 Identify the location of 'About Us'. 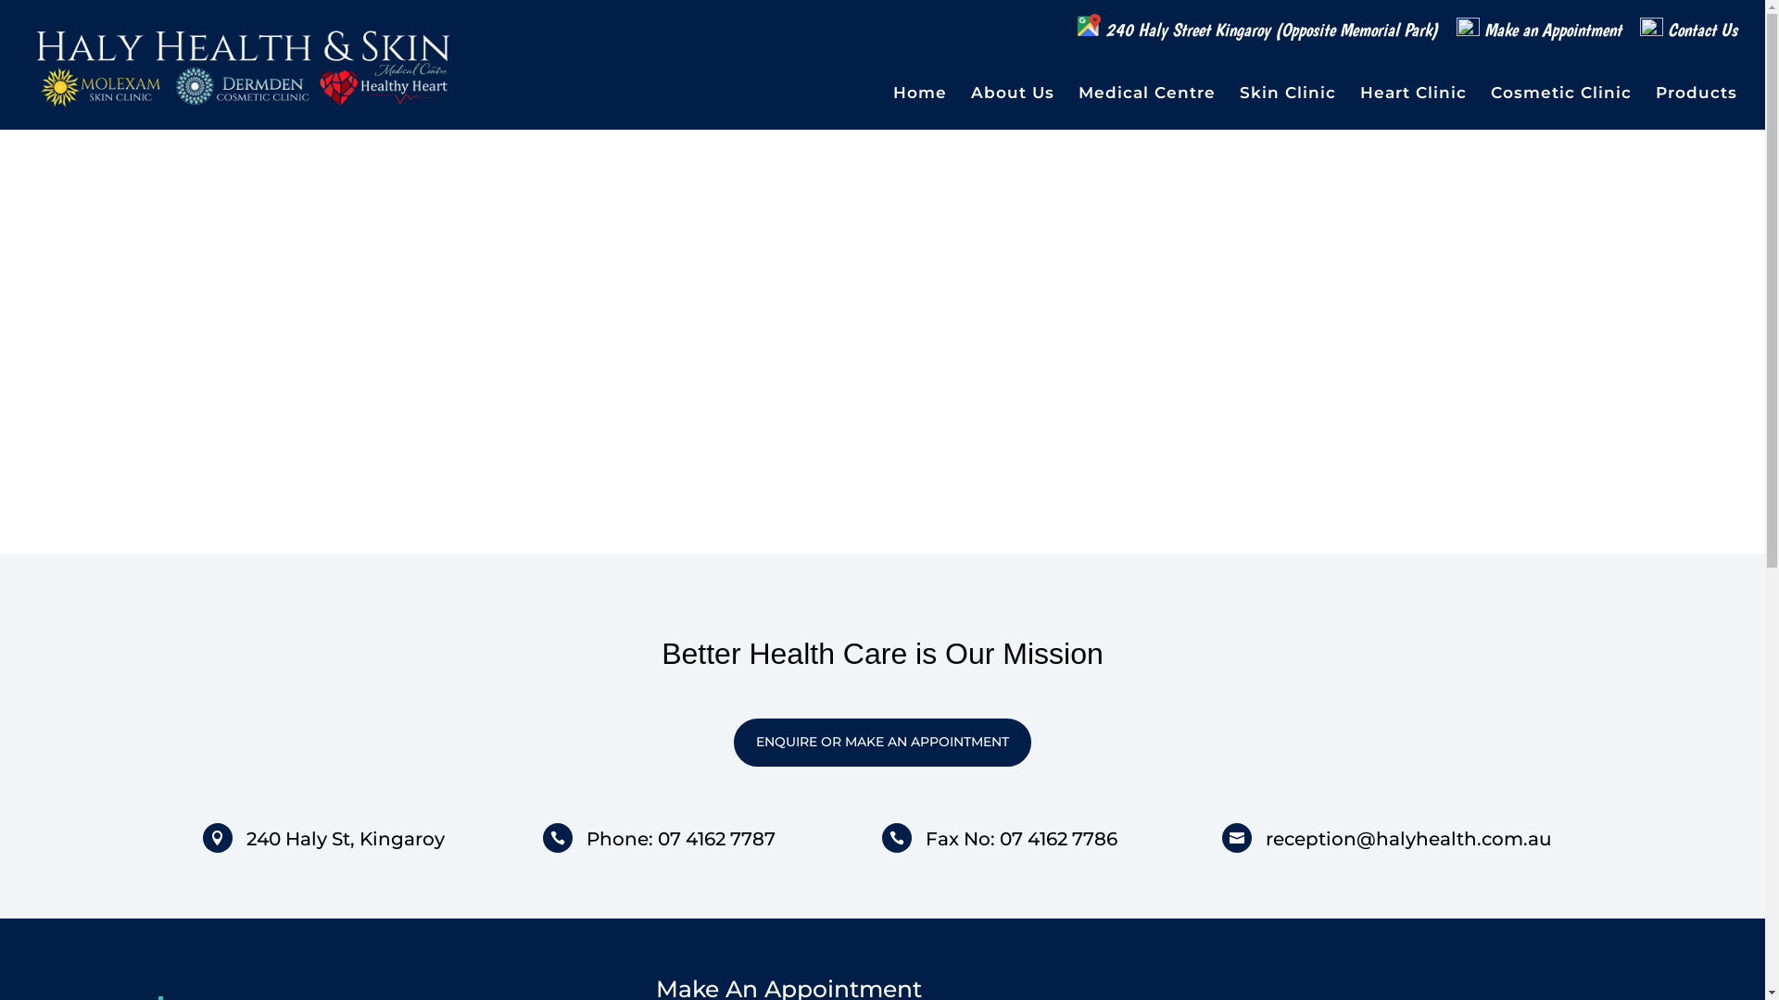
(1012, 107).